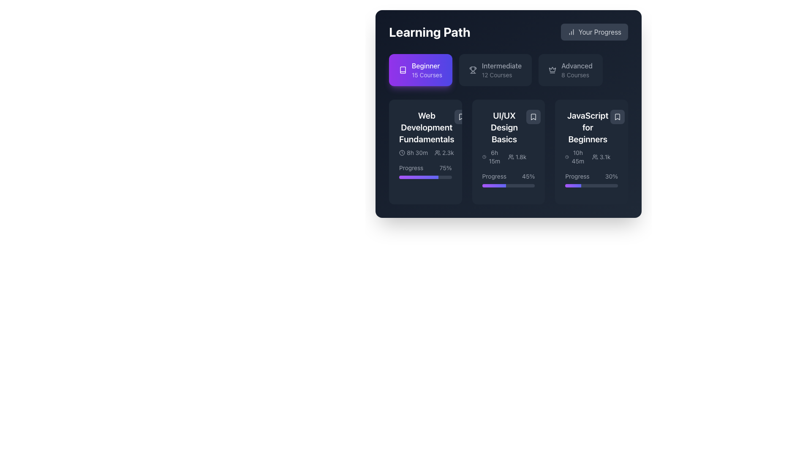 This screenshot has width=811, height=456. What do you see at coordinates (425, 177) in the screenshot?
I see `the Progress bar that represents the 75% completion status within the Web Development Fundamentals card` at bounding box center [425, 177].